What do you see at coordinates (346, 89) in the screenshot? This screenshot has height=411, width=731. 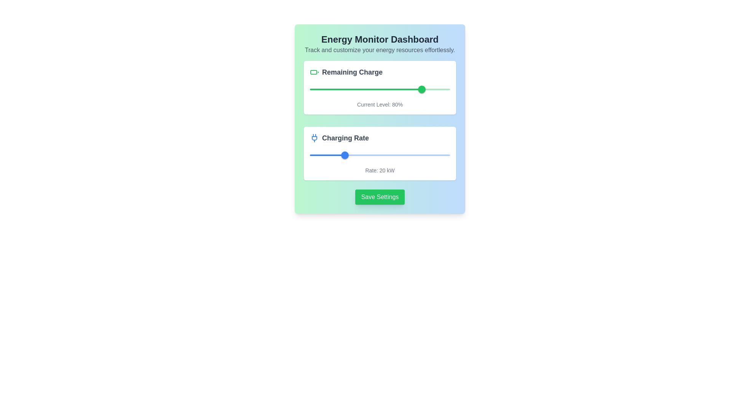 I see `slider value` at bounding box center [346, 89].